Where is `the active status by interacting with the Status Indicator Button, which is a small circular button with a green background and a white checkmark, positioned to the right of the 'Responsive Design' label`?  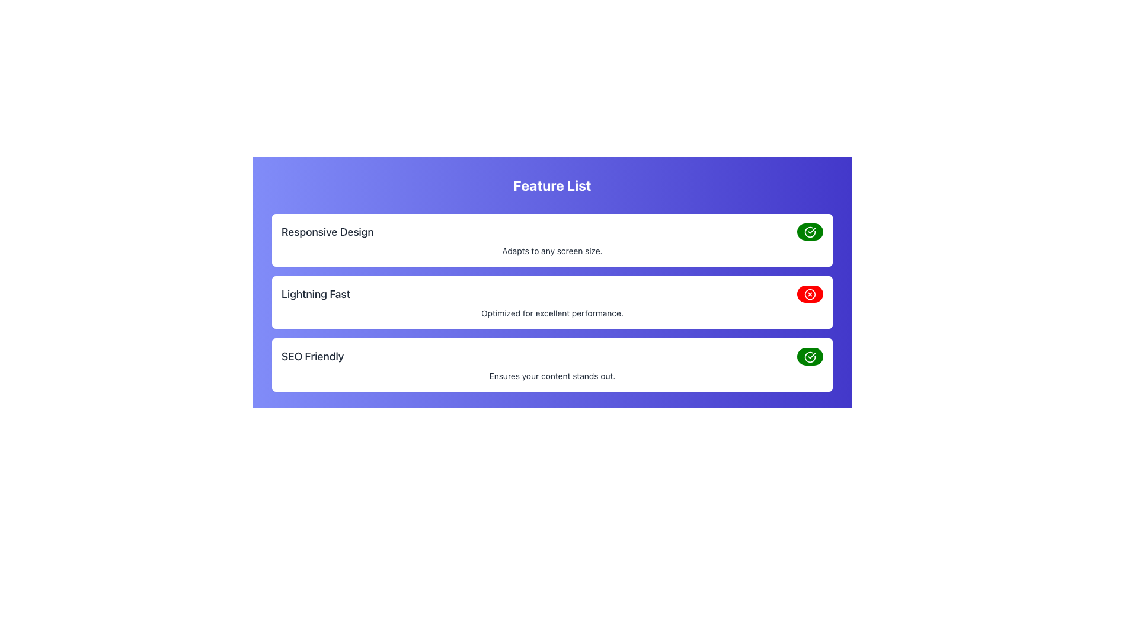 the active status by interacting with the Status Indicator Button, which is a small circular button with a green background and a white checkmark, positioned to the right of the 'Responsive Design' label is located at coordinates (810, 231).